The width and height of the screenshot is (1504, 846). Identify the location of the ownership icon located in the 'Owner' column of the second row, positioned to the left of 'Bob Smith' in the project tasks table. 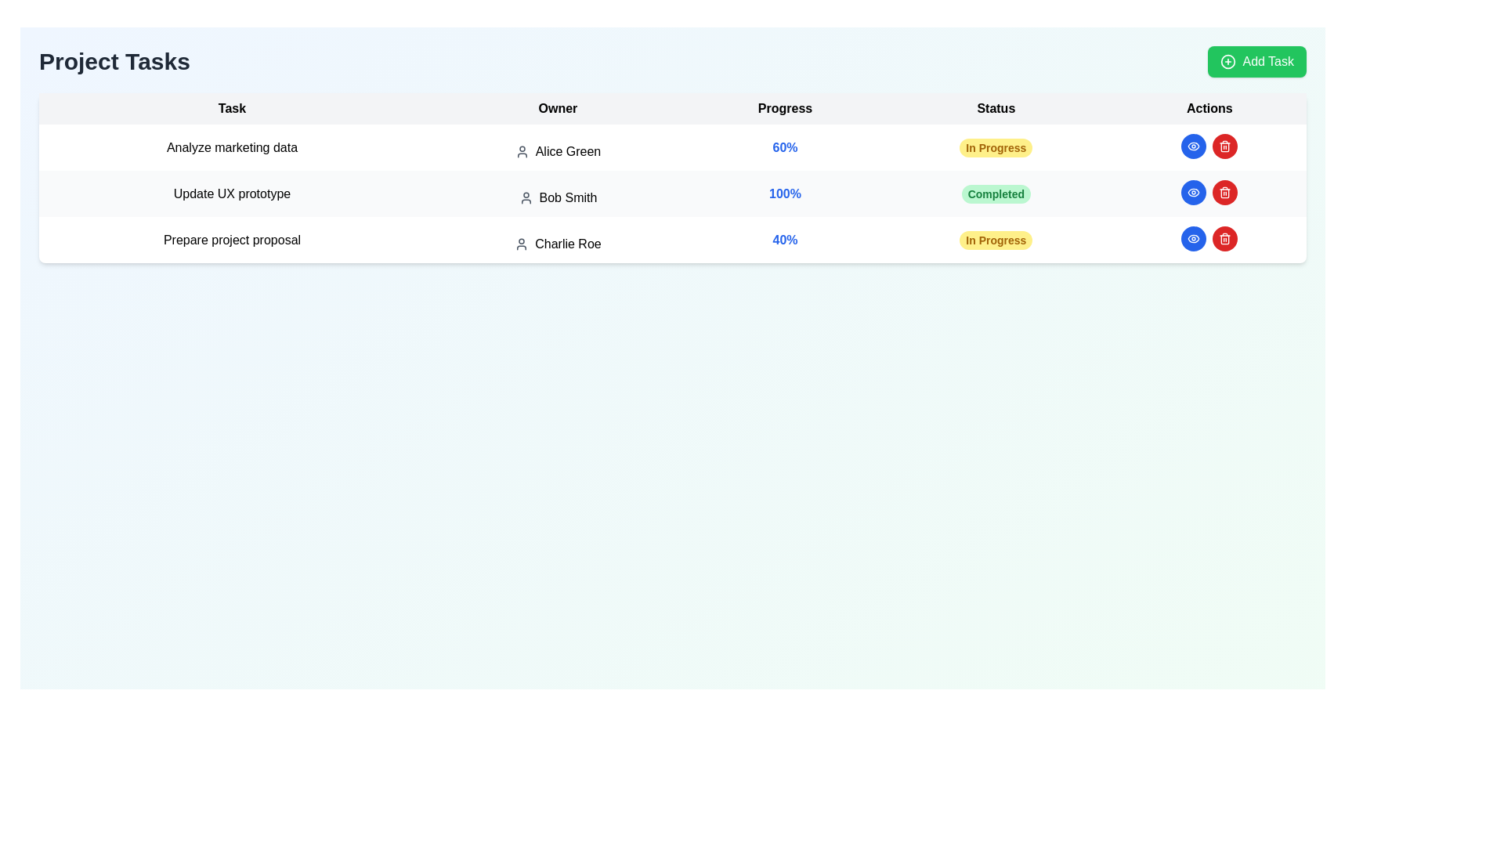
(526, 197).